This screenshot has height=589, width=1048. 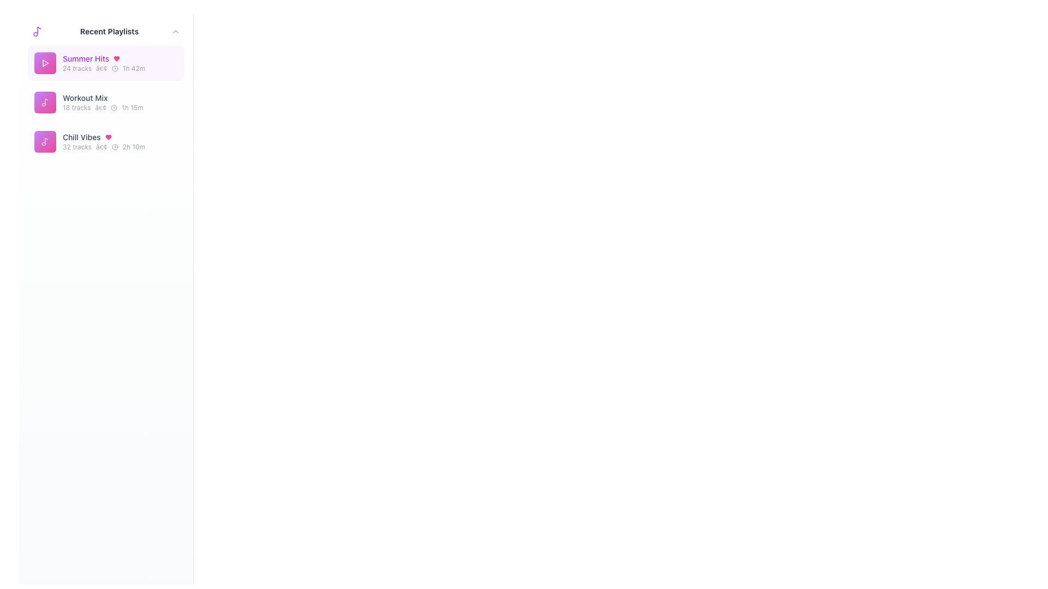 I want to click on the 'Chill Vibes' playlist card, so click(x=106, y=141).